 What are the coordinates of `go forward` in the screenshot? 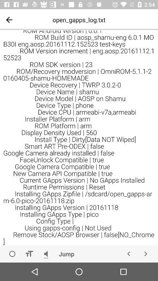 It's located at (145, 253).